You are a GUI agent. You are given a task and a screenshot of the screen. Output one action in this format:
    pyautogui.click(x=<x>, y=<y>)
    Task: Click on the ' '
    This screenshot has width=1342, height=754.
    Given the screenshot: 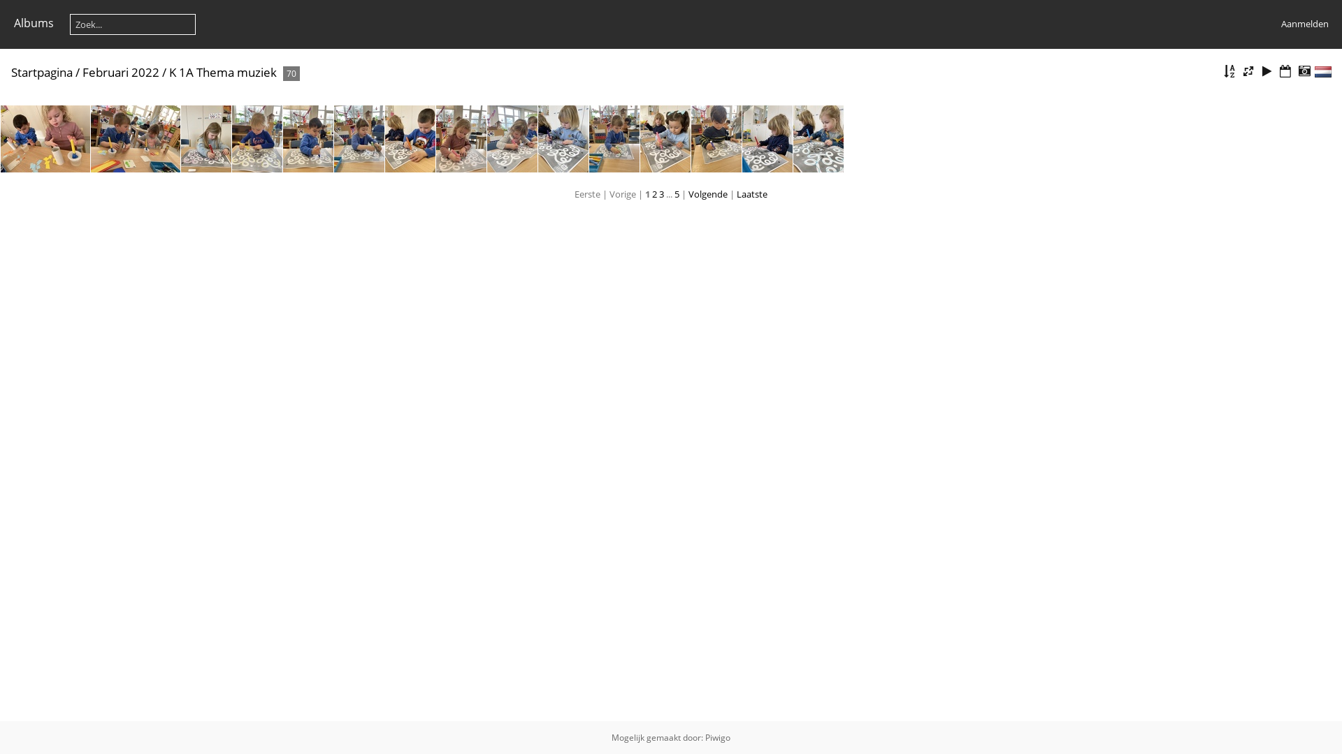 What is the action you would take?
    pyautogui.click(x=1323, y=72)
    